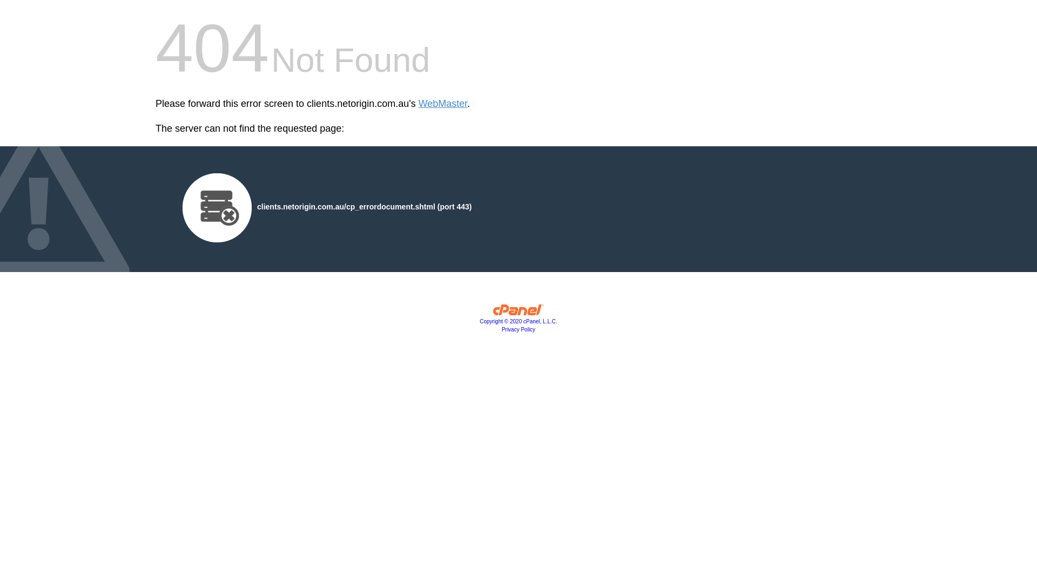 The width and height of the screenshot is (1037, 583). I want to click on 'WebMaster', so click(418, 104).